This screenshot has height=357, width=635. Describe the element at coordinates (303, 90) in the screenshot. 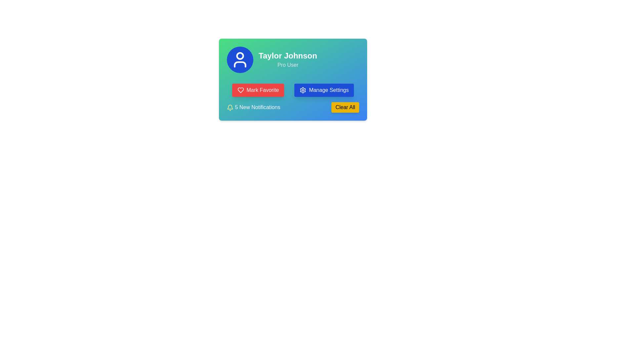

I see `the settings cog icon located in the top-right corner of the main card interface, adjacent to the blue 'Manage Settings' button` at that location.